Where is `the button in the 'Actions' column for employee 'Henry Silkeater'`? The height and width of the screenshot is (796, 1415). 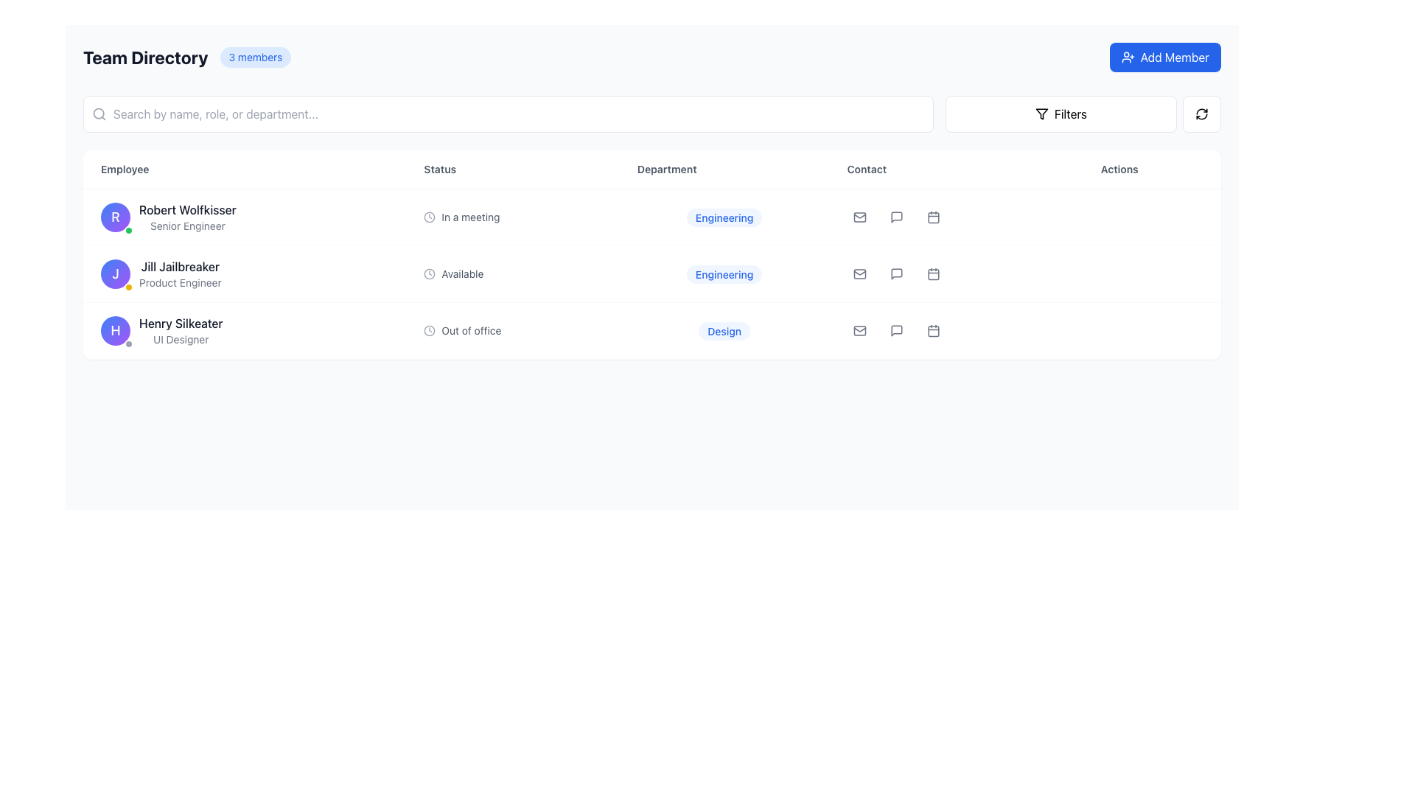 the button in the 'Actions' column for employee 'Henry Silkeater' is located at coordinates (895, 329).